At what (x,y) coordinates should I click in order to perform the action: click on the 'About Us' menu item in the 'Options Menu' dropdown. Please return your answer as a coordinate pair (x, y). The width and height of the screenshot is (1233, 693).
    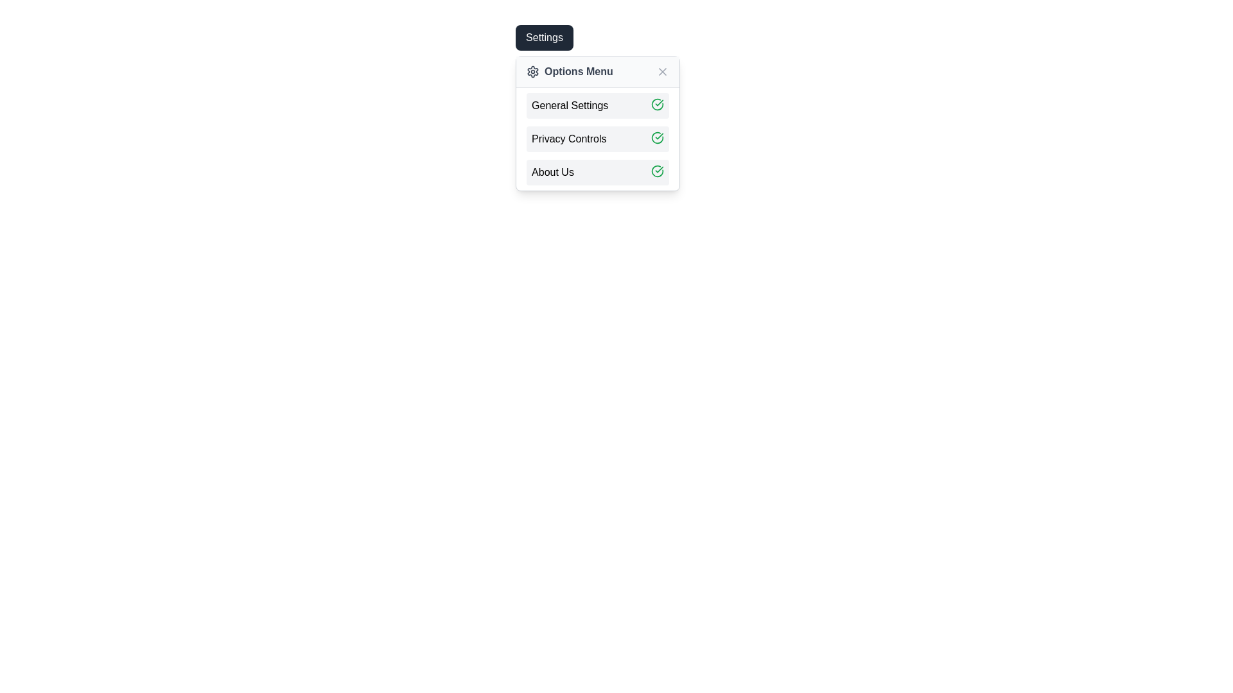
    Looking at the image, I should click on (597, 172).